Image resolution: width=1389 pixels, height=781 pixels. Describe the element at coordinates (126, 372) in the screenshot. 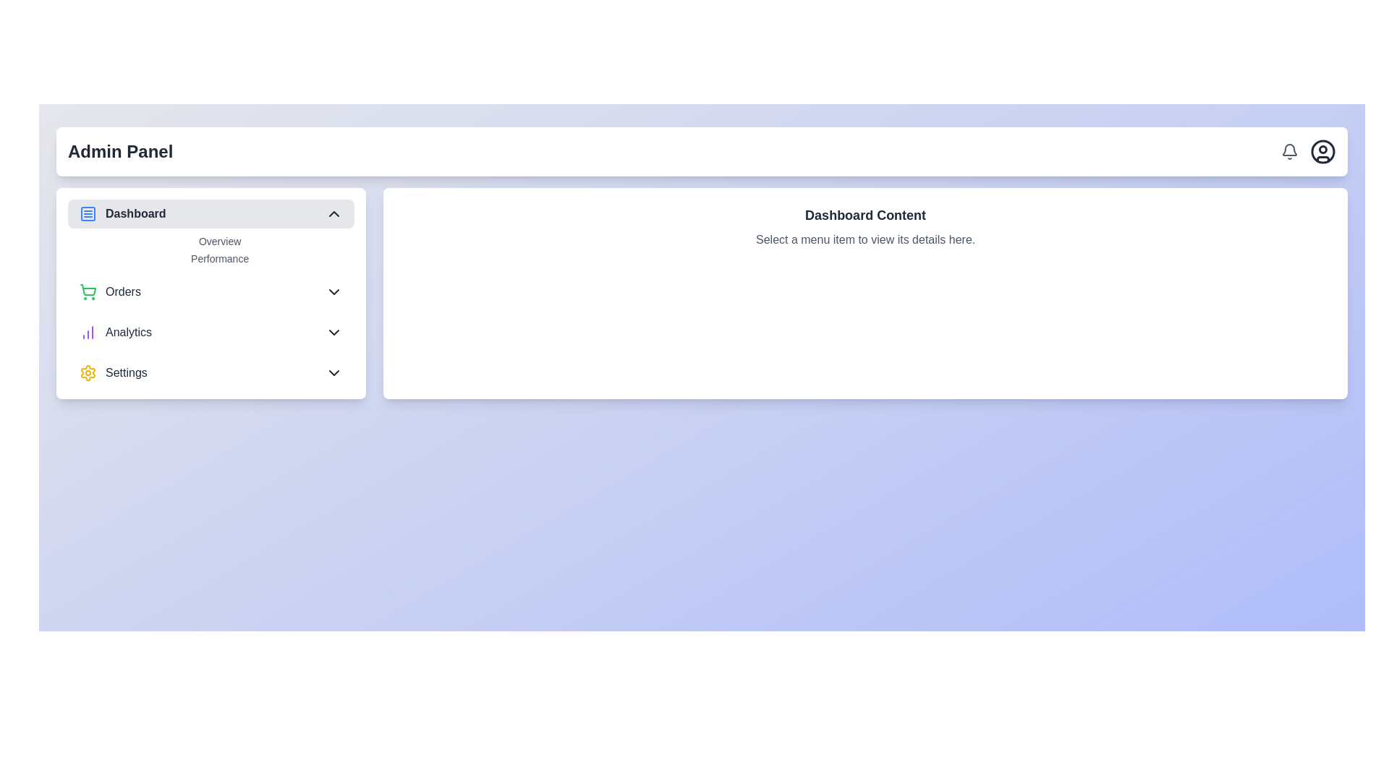

I see `the 'Settings' label located in the vertical navigation bar on the left side of the interface, directly beneath the 'Analytics' section` at that location.